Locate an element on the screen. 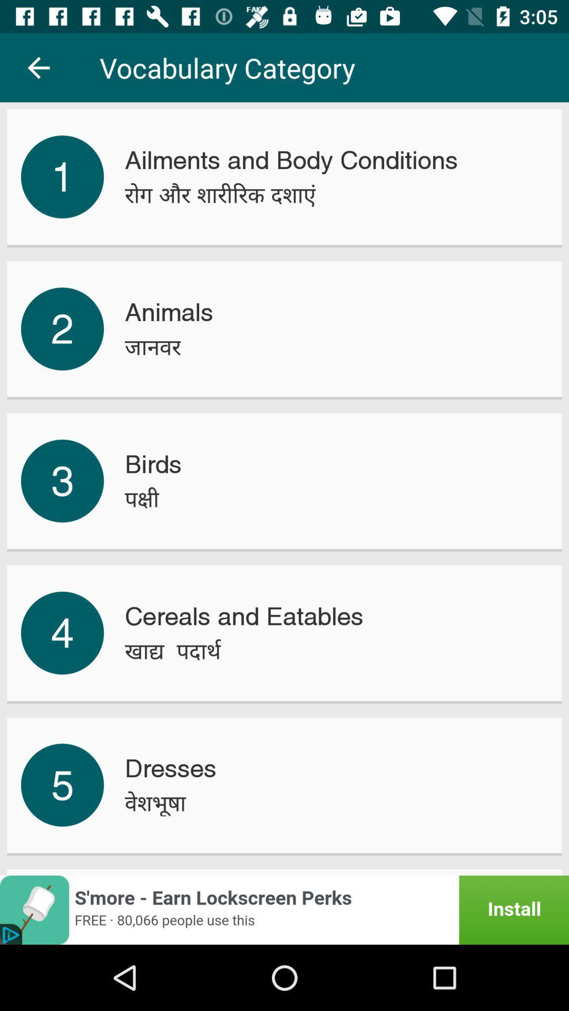 This screenshot has width=569, height=1011. the icon to the right of the 5 is located at coordinates (155, 802).